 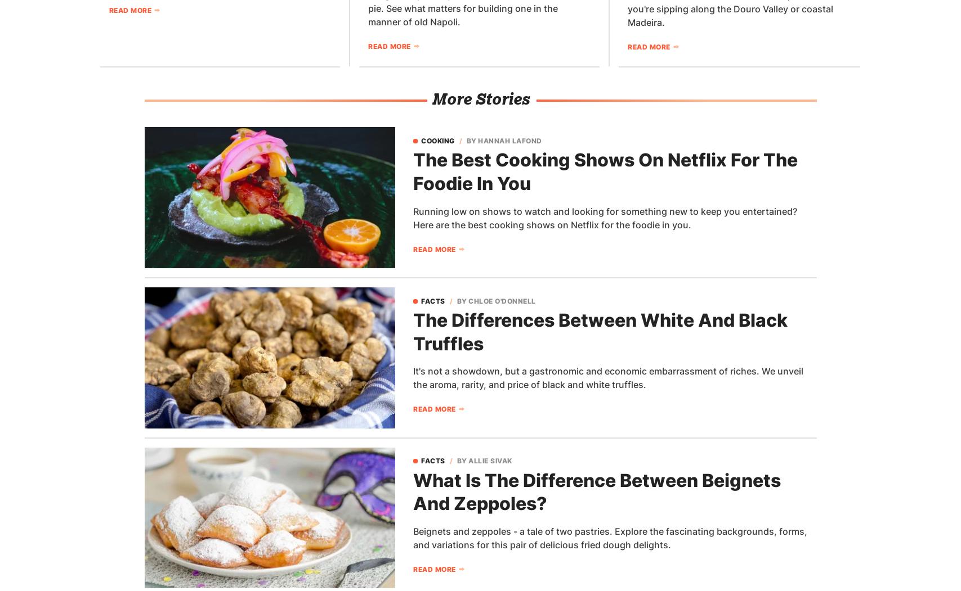 What do you see at coordinates (509, 140) in the screenshot?
I see `'Hannah LaFond'` at bounding box center [509, 140].